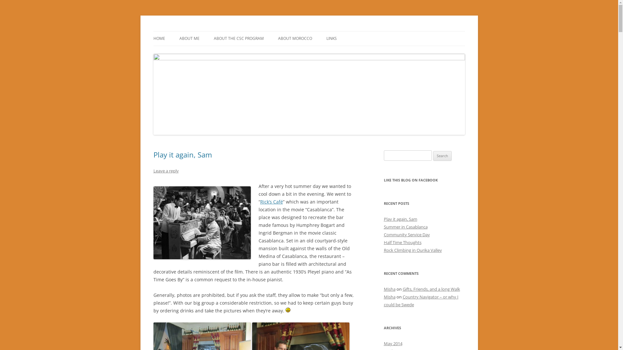 The height and width of the screenshot is (350, 623). What do you see at coordinates (159, 39) in the screenshot?
I see `'HOME'` at bounding box center [159, 39].